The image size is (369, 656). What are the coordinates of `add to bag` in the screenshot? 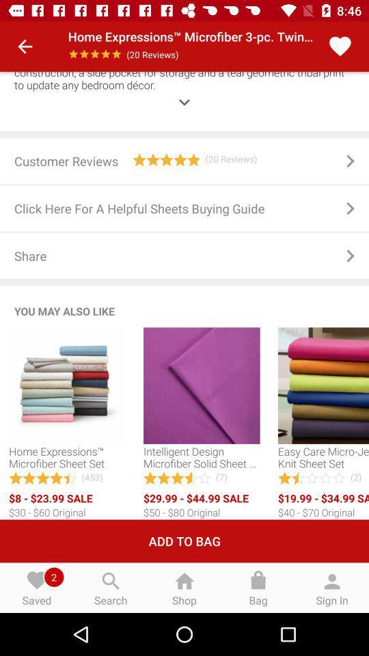 It's located at (184, 541).